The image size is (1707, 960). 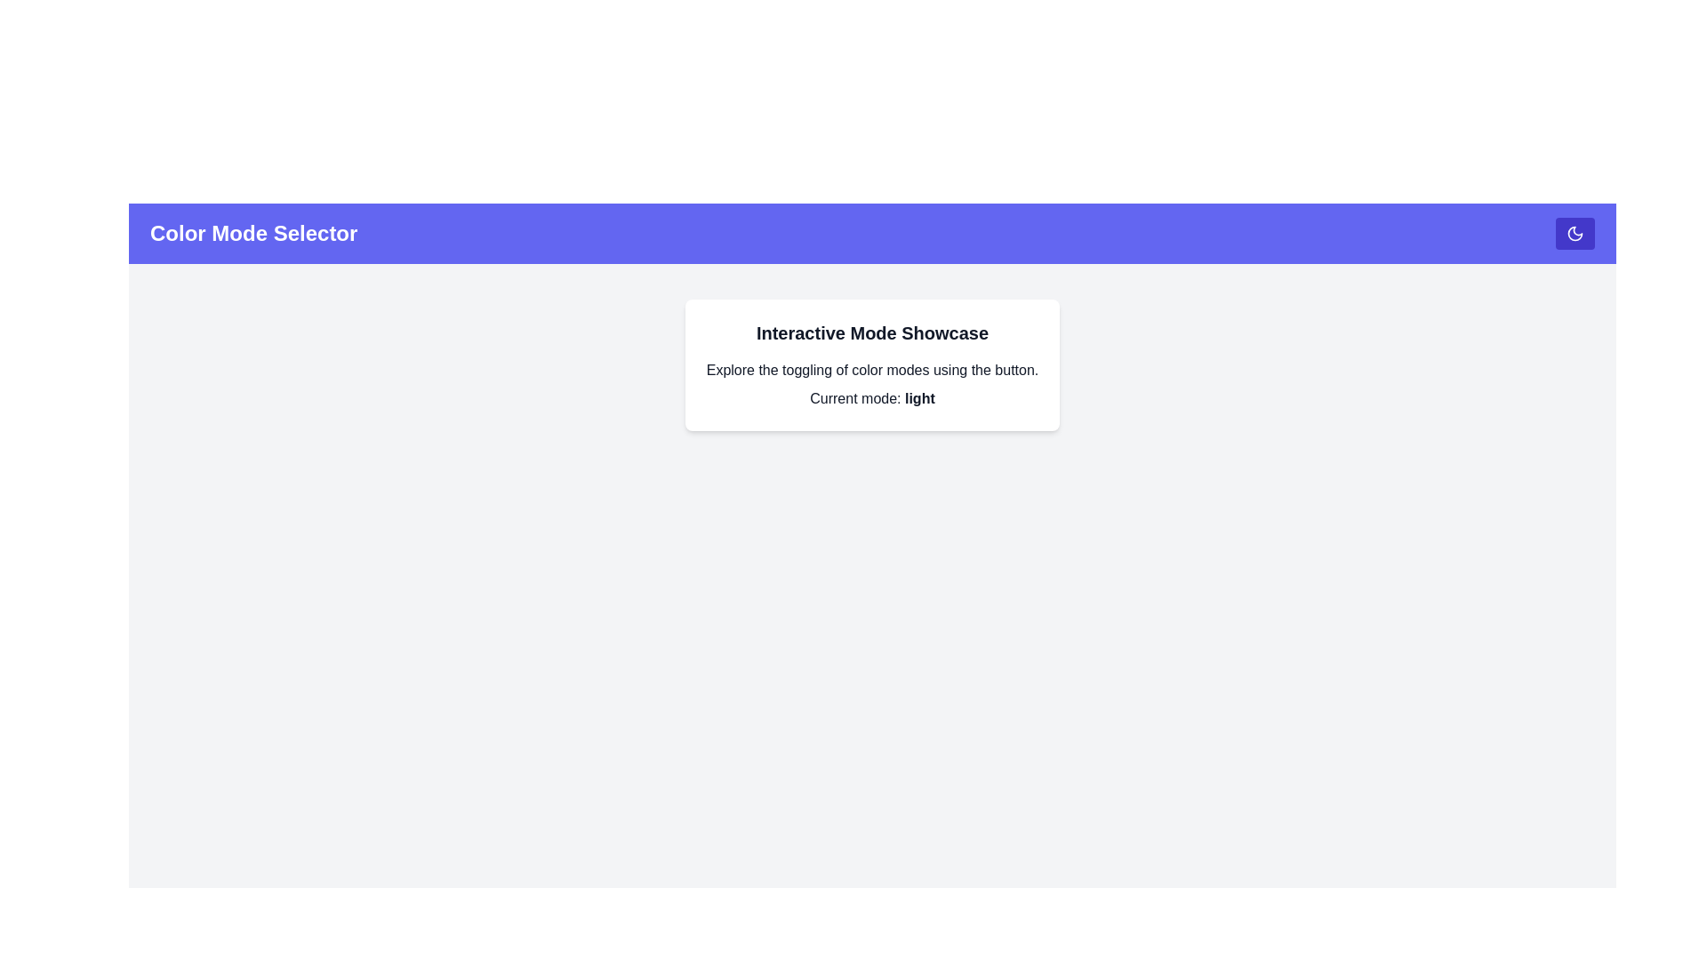 What do you see at coordinates (872, 369) in the screenshot?
I see `the text label displaying 'Explore the toggling of color modes using the button.' which is located in the white card titled 'Interactive Mode Showcase'` at bounding box center [872, 369].